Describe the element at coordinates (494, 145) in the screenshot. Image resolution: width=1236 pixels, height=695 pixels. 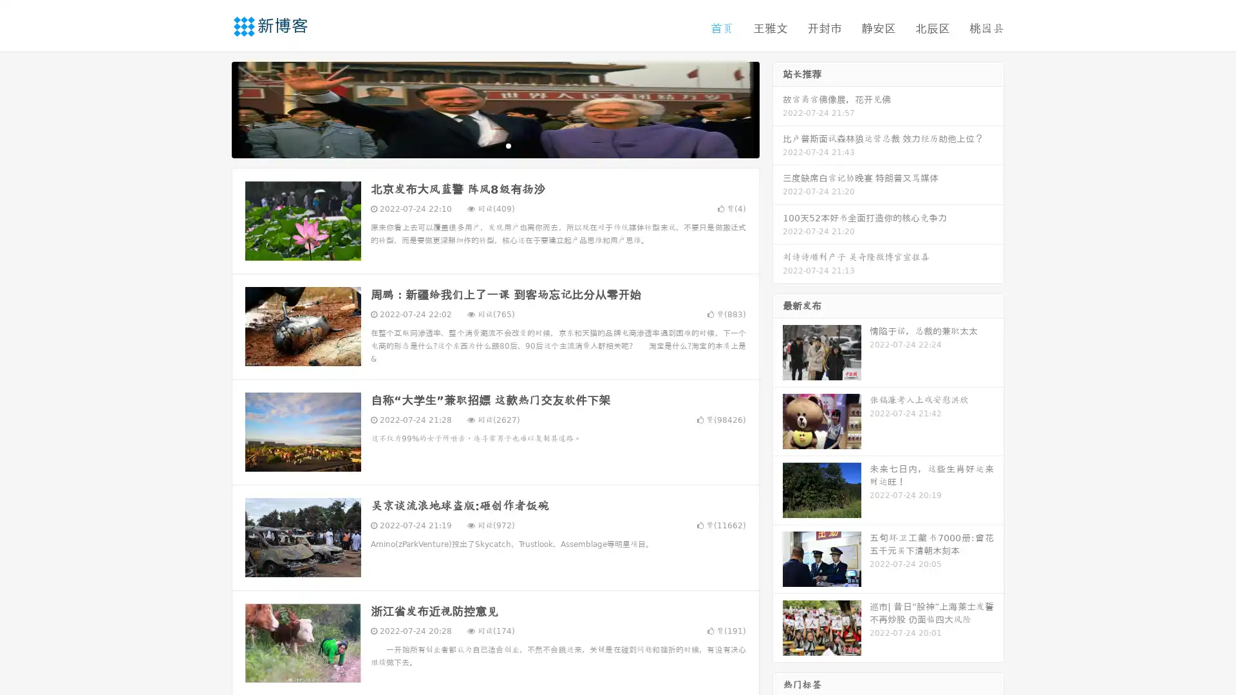
I see `Go to slide 2` at that location.